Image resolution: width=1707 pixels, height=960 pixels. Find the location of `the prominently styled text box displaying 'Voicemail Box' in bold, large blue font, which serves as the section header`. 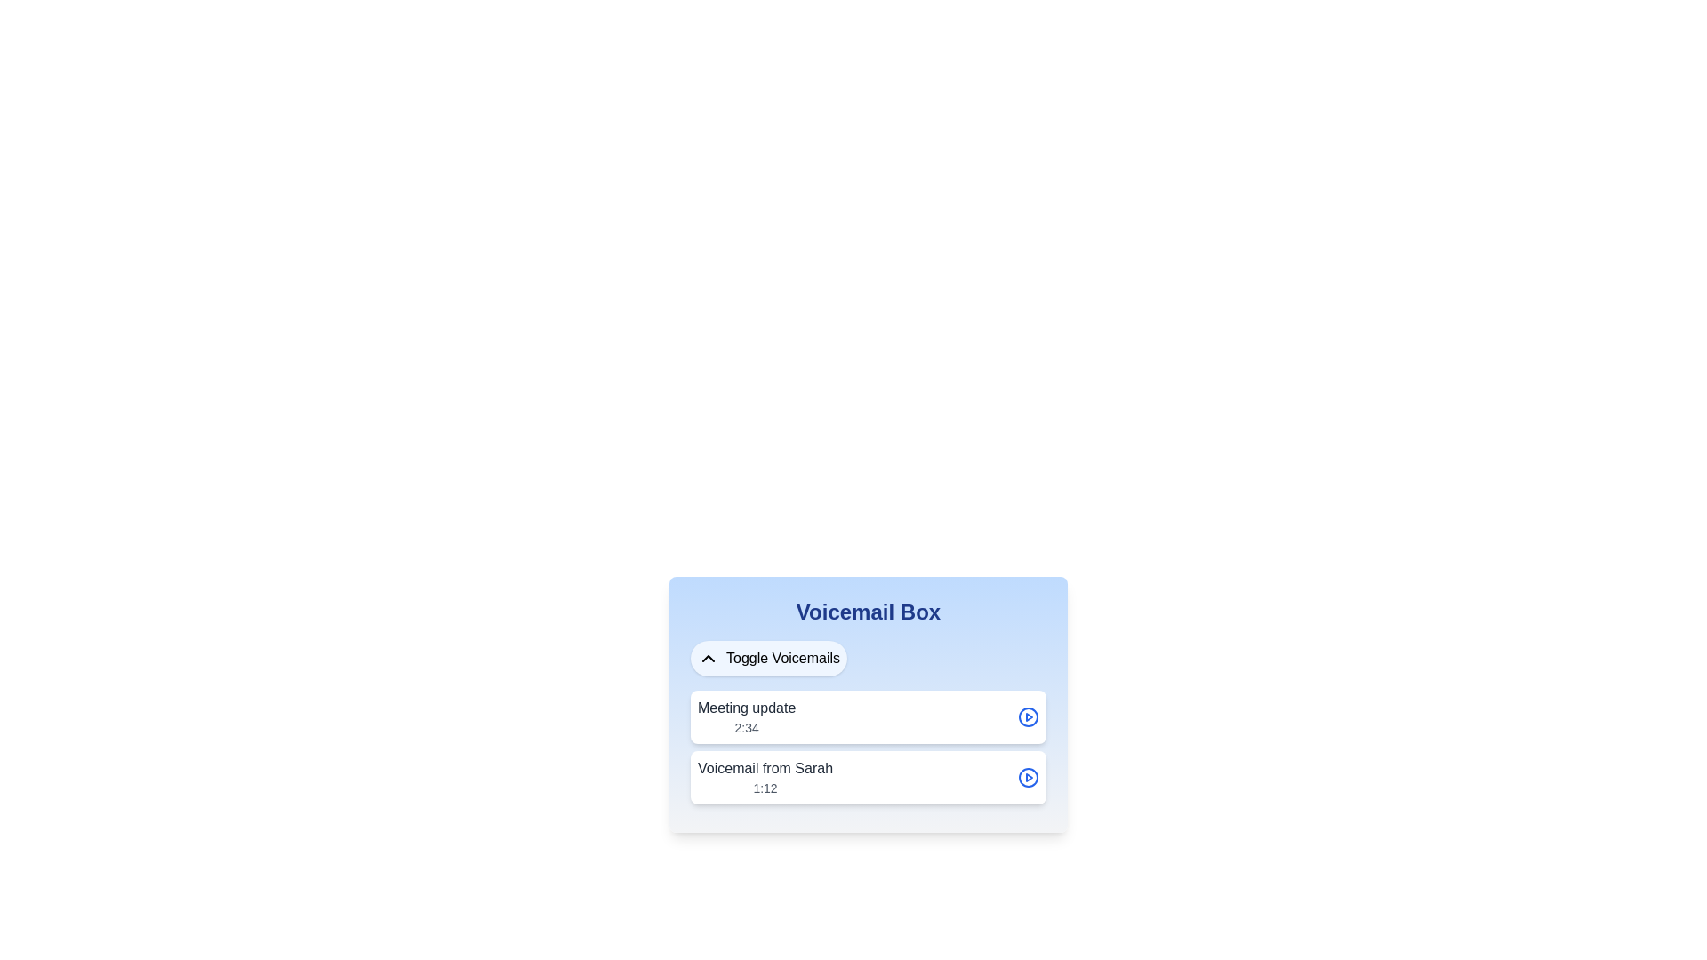

the prominently styled text box displaying 'Voicemail Box' in bold, large blue font, which serves as the section header is located at coordinates (869, 612).